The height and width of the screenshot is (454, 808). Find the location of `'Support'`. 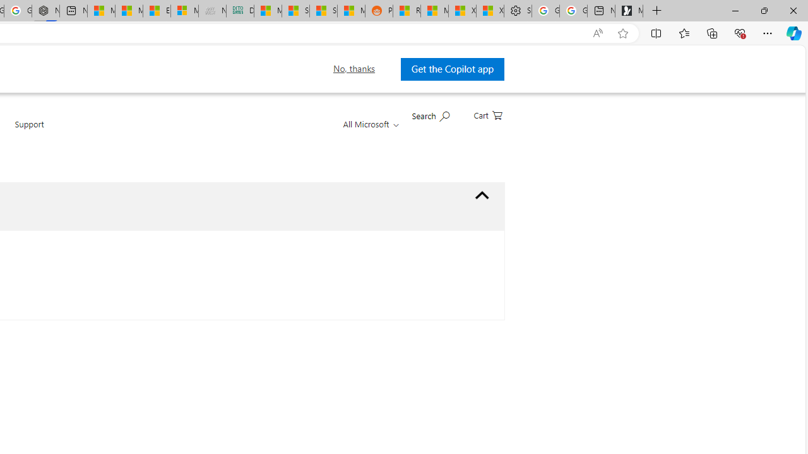

'Support' is located at coordinates (29, 132).